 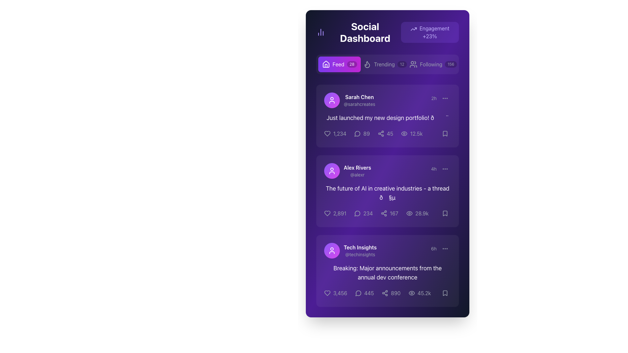 What do you see at coordinates (445, 98) in the screenshot?
I see `the Horizontal Ellipsis icon in the upper-right corner of Sarah Chen's post` at bounding box center [445, 98].